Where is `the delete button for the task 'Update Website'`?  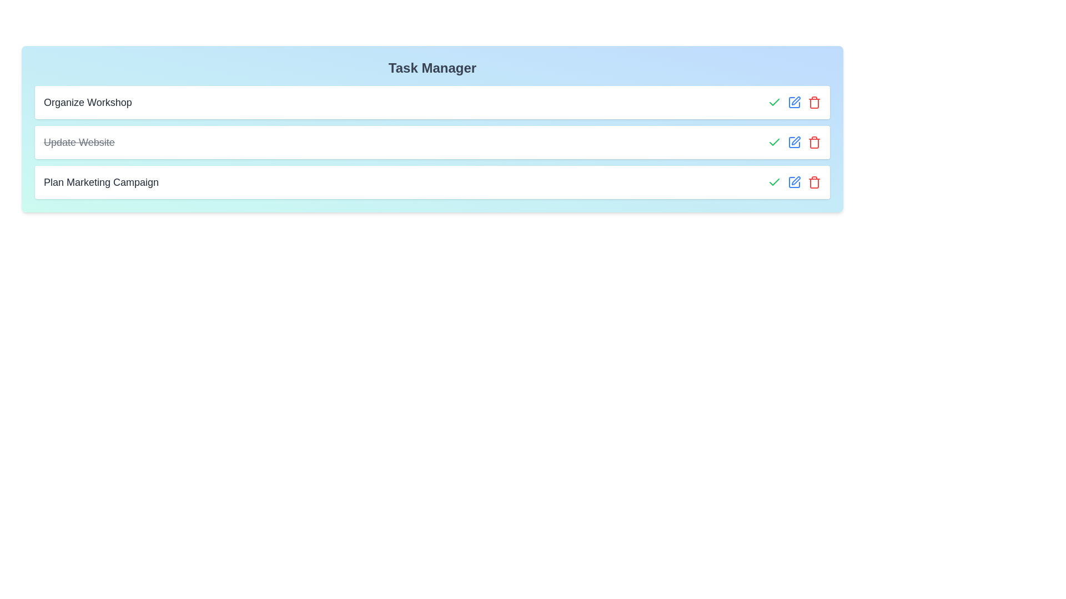
the delete button for the task 'Update Website' is located at coordinates (814, 142).